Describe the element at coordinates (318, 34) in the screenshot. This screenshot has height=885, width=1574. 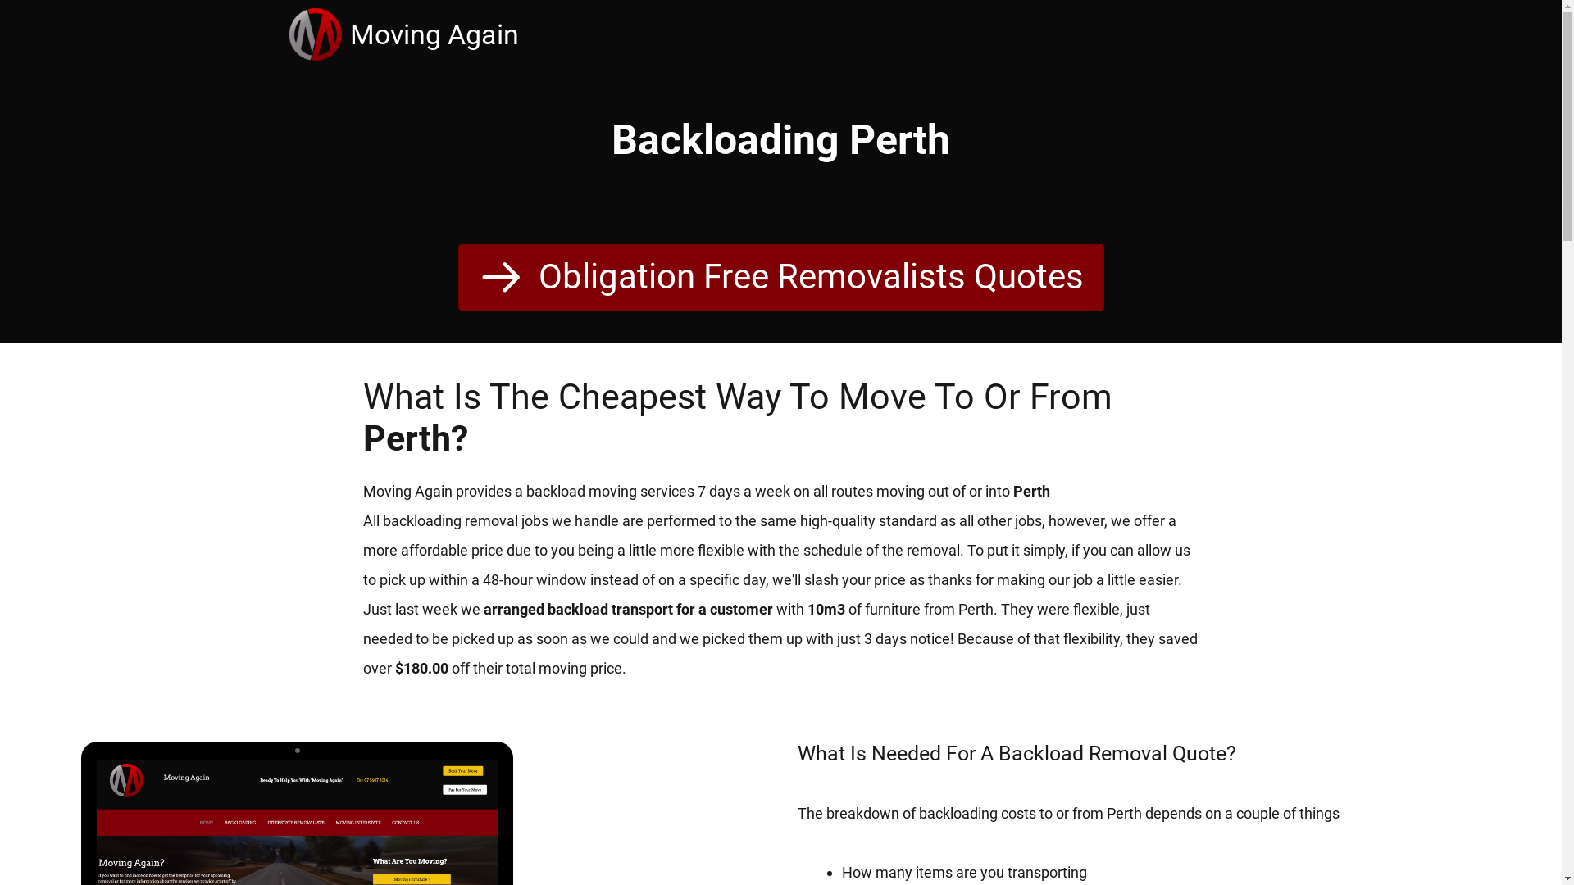
I see `'Moving Again'` at that location.